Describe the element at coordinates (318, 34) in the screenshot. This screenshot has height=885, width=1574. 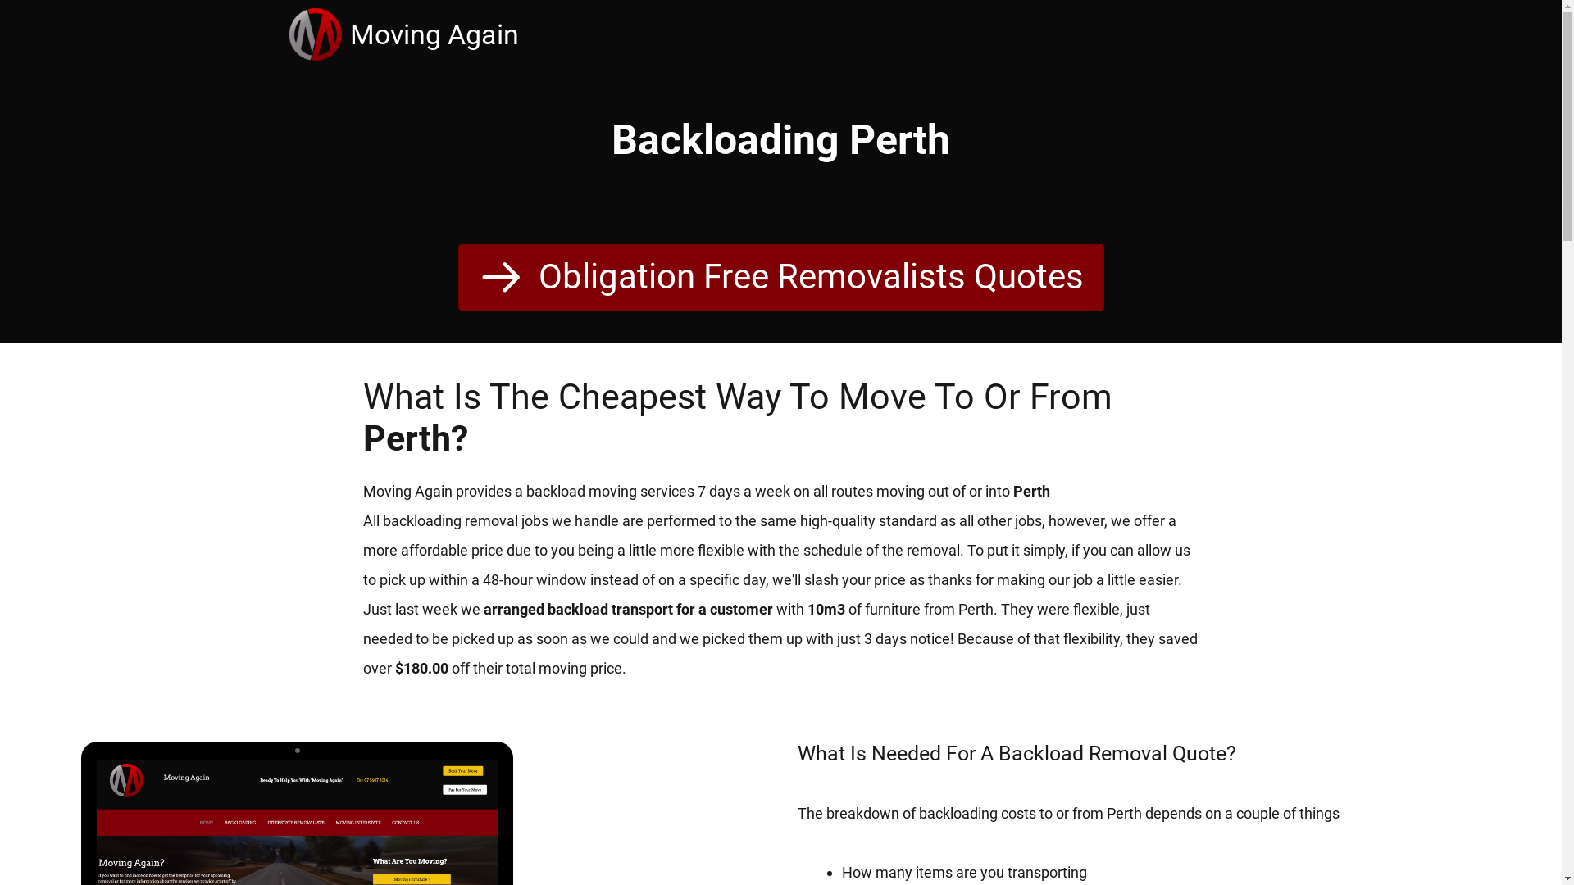
I see `'Moving Again'` at that location.